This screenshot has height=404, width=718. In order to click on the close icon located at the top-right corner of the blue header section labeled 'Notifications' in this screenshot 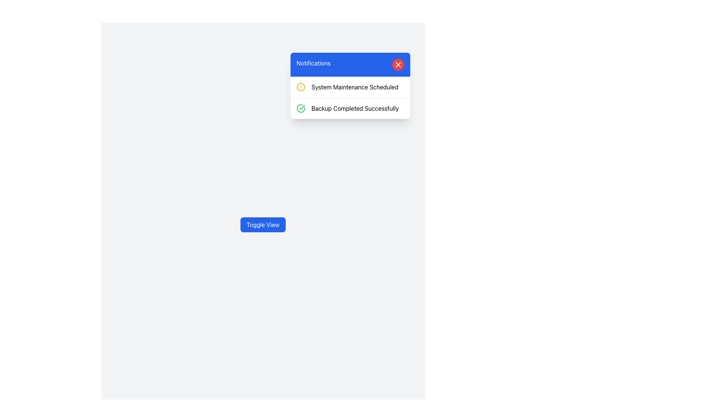, I will do `click(398, 64)`.